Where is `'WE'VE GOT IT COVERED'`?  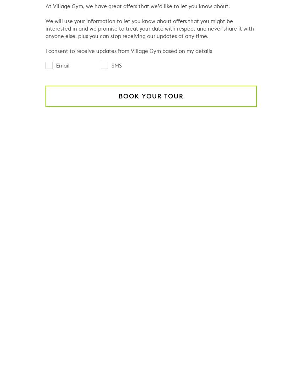
'WE'VE GOT IT COVERED' is located at coordinates (151, 159).